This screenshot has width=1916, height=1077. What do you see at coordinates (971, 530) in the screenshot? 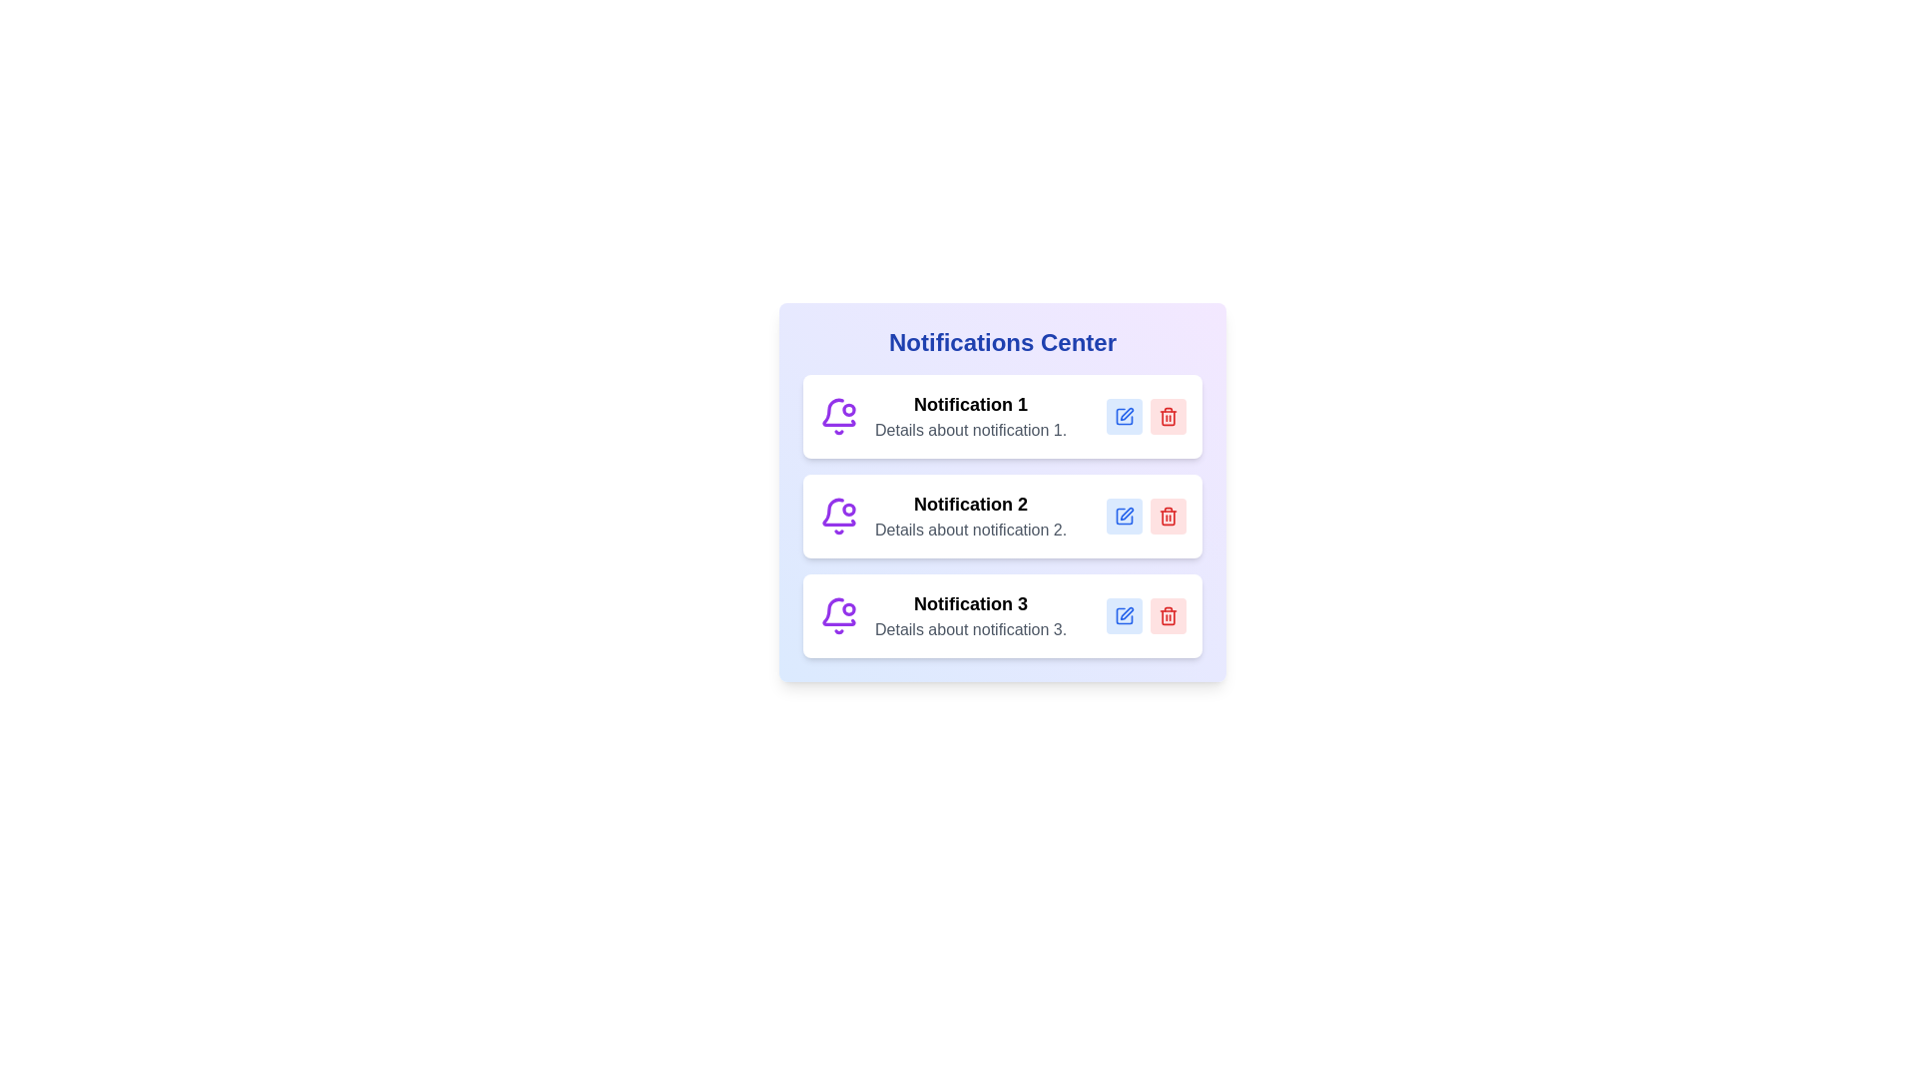
I see `the informational text label providing details about 'Notification 2' in the Notifications Center interface` at bounding box center [971, 530].